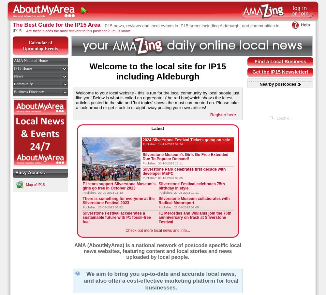 The image size is (326, 295). What do you see at coordinates (161, 280) in the screenshot?
I see `'We aim to bring you up-to-date and accurate local news, and also offer a cost-effective marketing platform for local businesses.'` at bounding box center [161, 280].